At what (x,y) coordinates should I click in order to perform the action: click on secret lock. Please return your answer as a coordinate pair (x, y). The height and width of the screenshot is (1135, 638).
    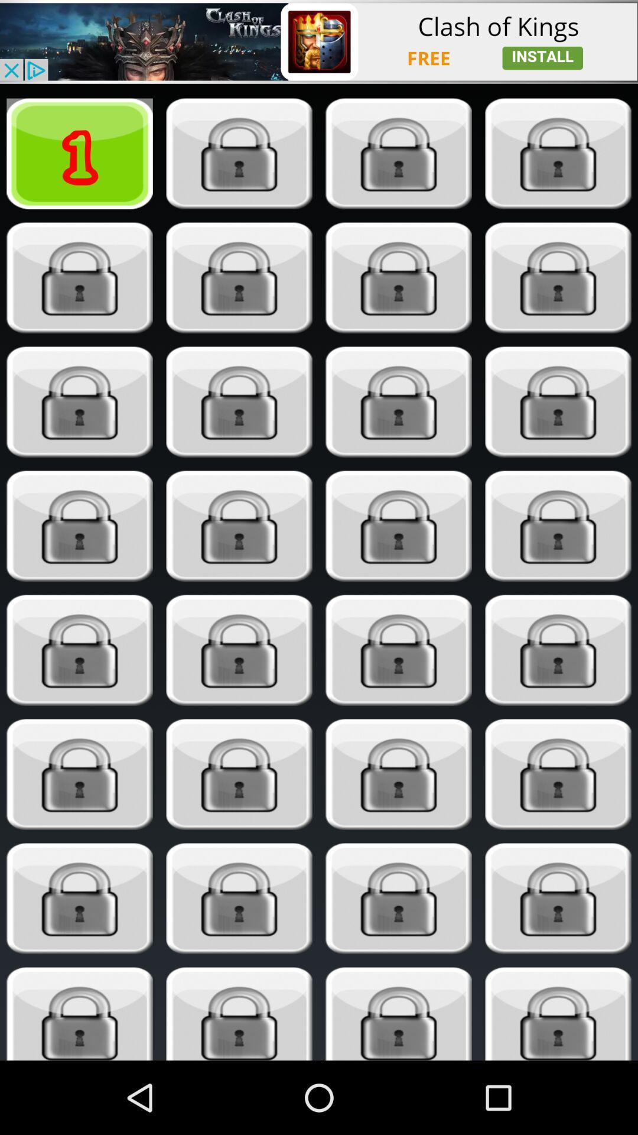
    Looking at the image, I should click on (239, 899).